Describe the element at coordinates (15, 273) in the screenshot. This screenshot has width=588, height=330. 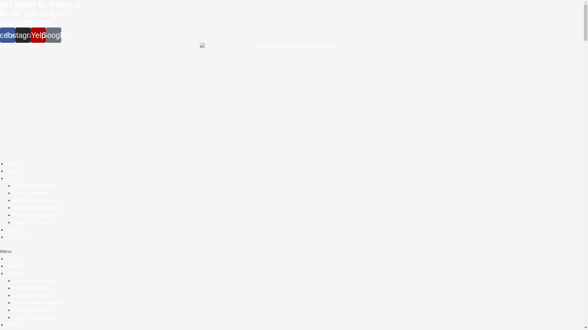
I see `'Services'` at that location.